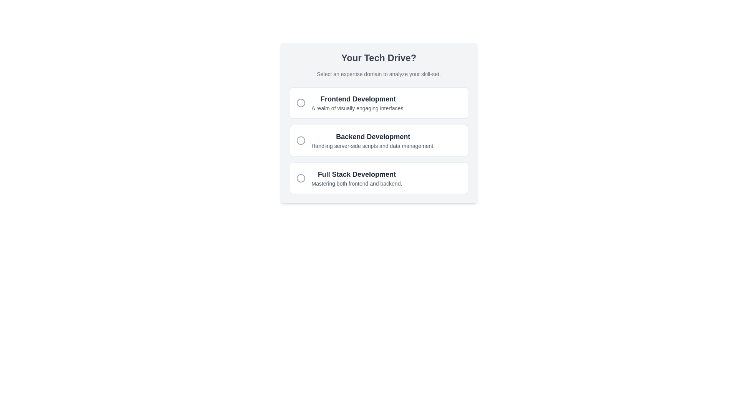 This screenshot has width=738, height=415. What do you see at coordinates (379, 74) in the screenshot?
I see `the Text block that provides instructions or context regarding the choices displayed below it, located directly below the heading 'Your Tech Drive?' and above the list of selectable options` at bounding box center [379, 74].